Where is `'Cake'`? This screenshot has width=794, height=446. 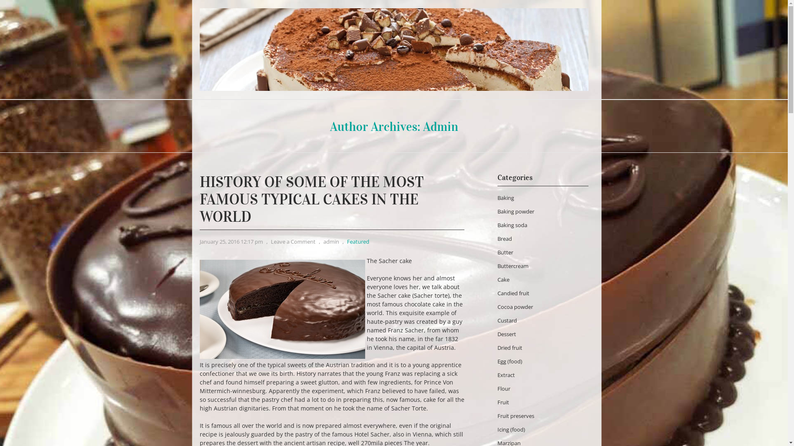
'Cake' is located at coordinates (502, 279).